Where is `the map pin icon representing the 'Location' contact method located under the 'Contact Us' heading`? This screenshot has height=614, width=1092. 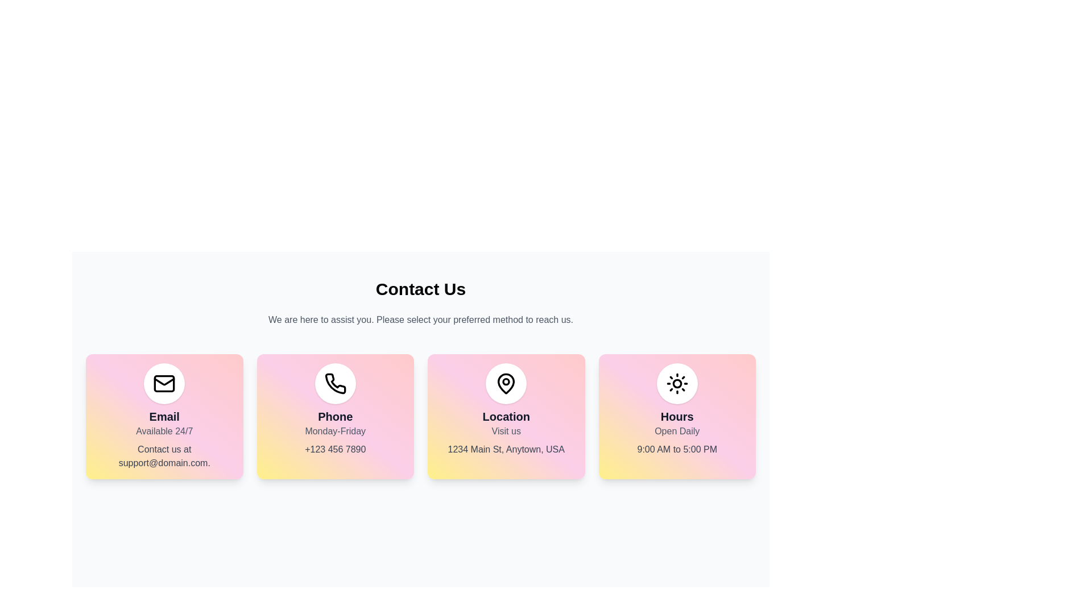 the map pin icon representing the 'Location' contact method located under the 'Contact Us' heading is located at coordinates (506, 384).